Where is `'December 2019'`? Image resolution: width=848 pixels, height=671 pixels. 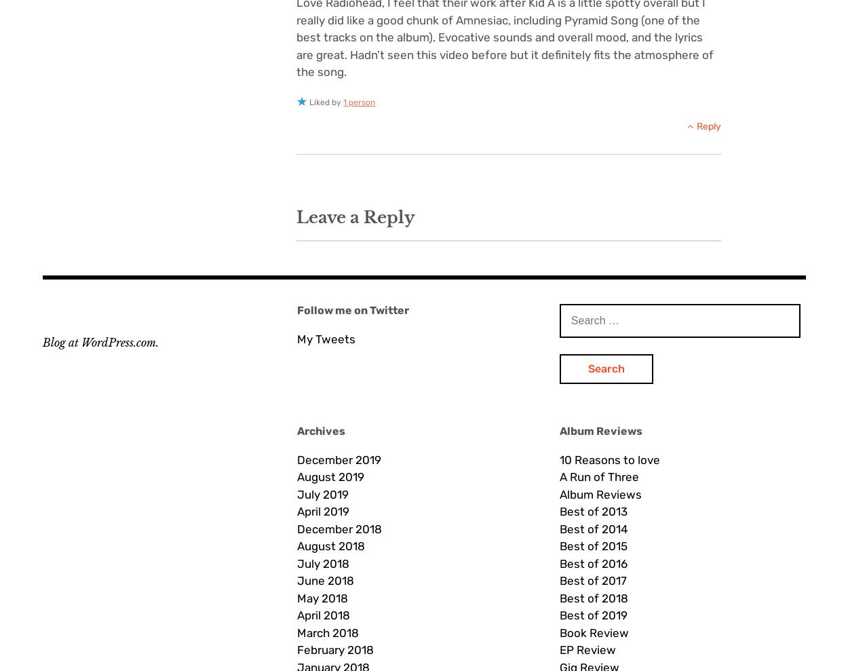
'December 2019' is located at coordinates (296, 458).